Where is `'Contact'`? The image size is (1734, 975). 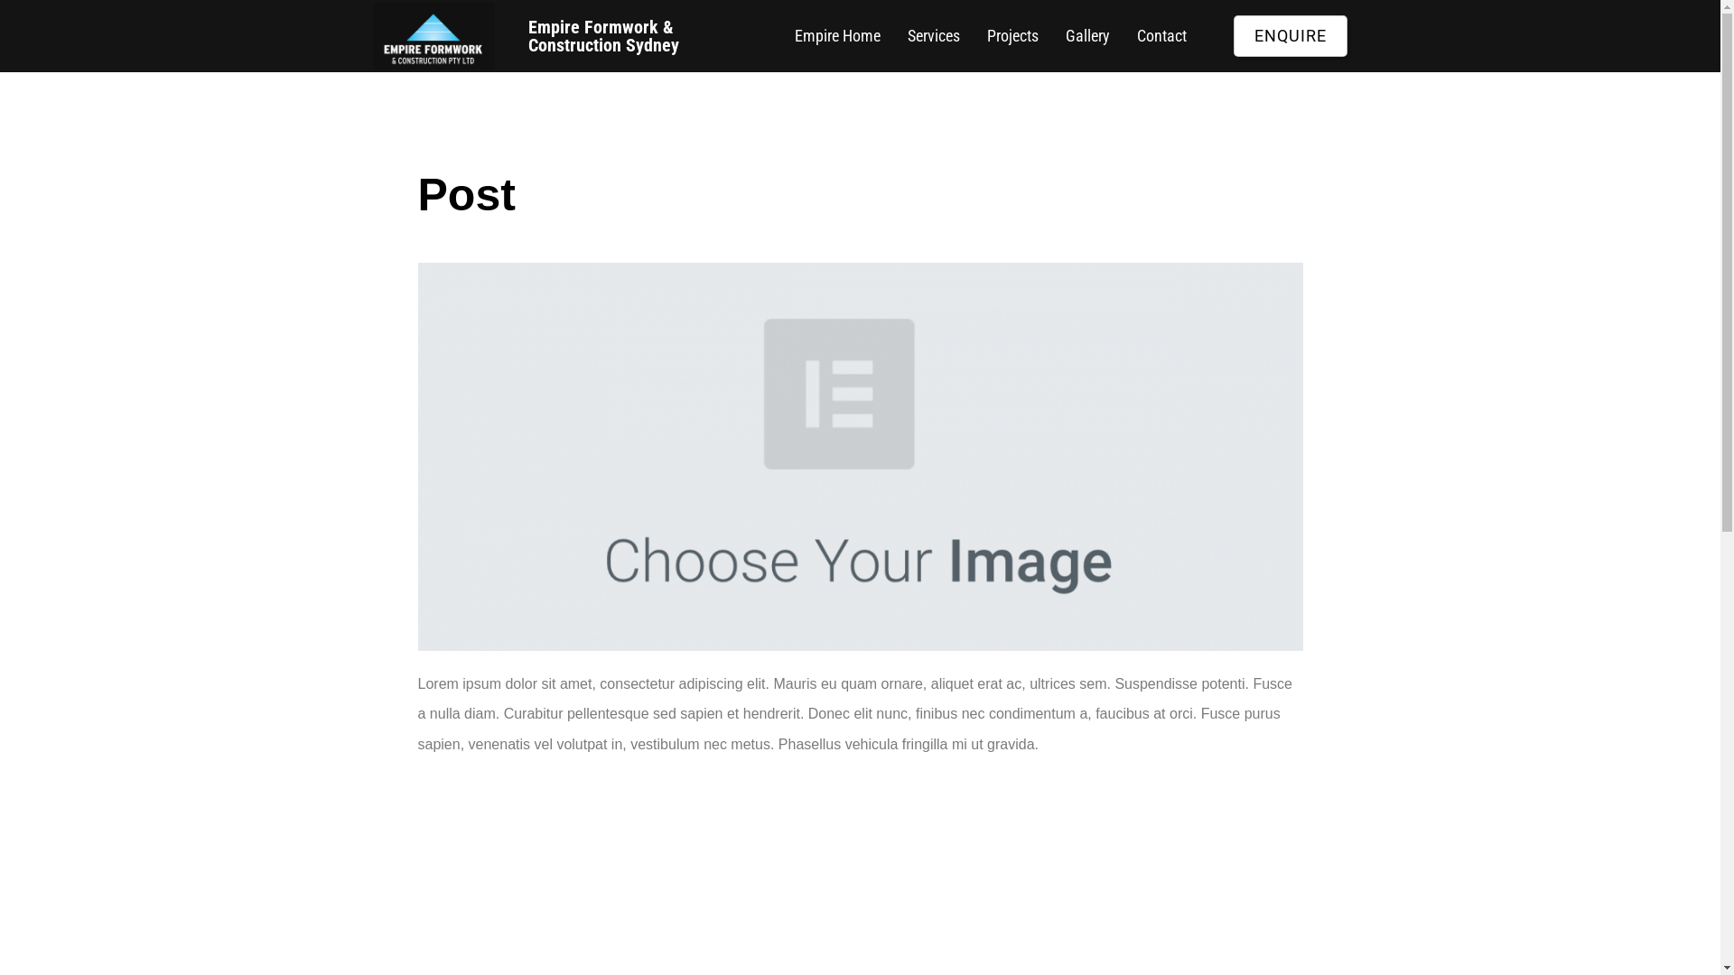 'Contact' is located at coordinates (1161, 35).